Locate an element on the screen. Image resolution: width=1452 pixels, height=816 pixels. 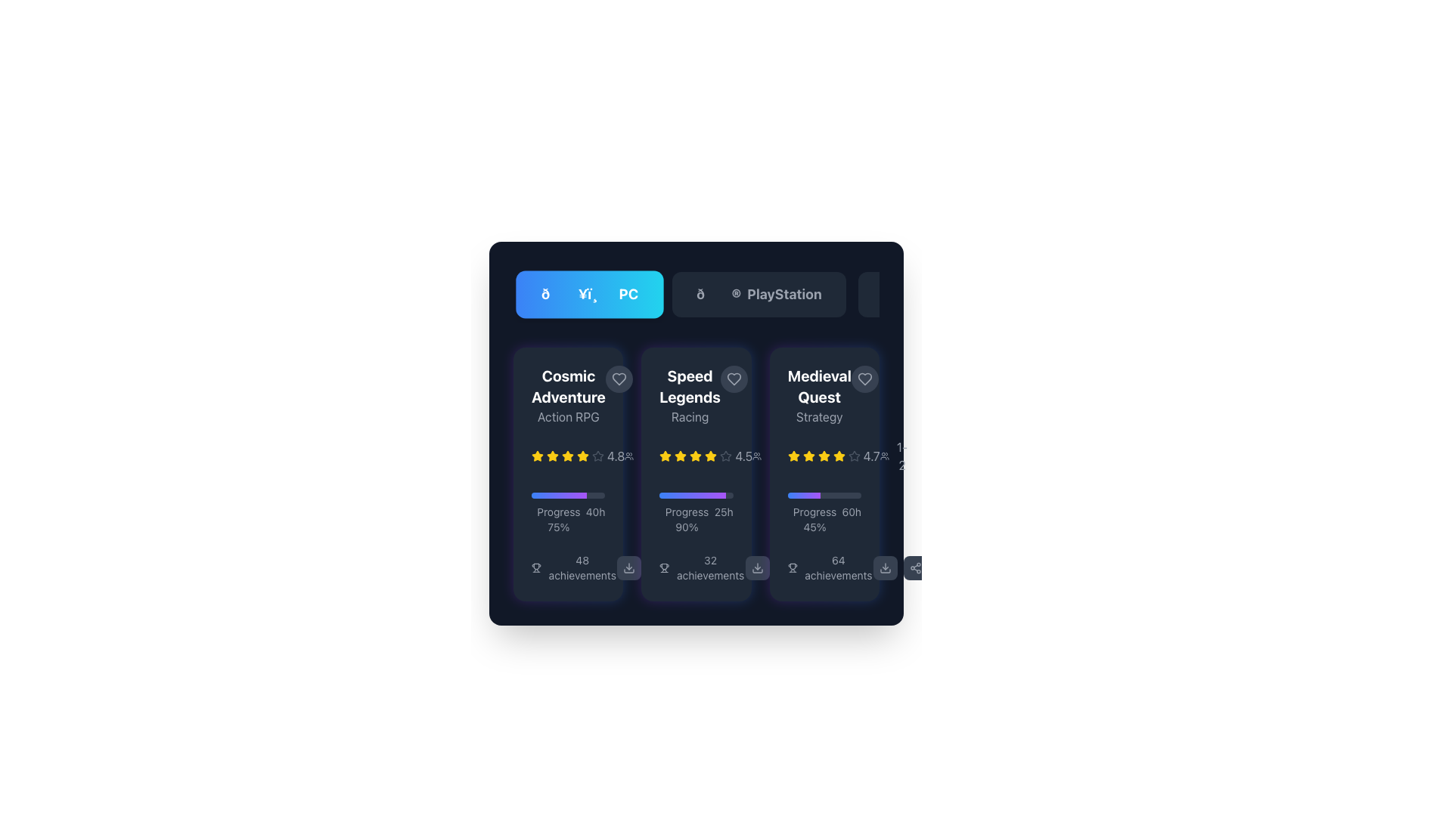
the rightmost star-shaped icon in the rating indicator for the 'Medieval Quest' card is located at coordinates (854, 455).